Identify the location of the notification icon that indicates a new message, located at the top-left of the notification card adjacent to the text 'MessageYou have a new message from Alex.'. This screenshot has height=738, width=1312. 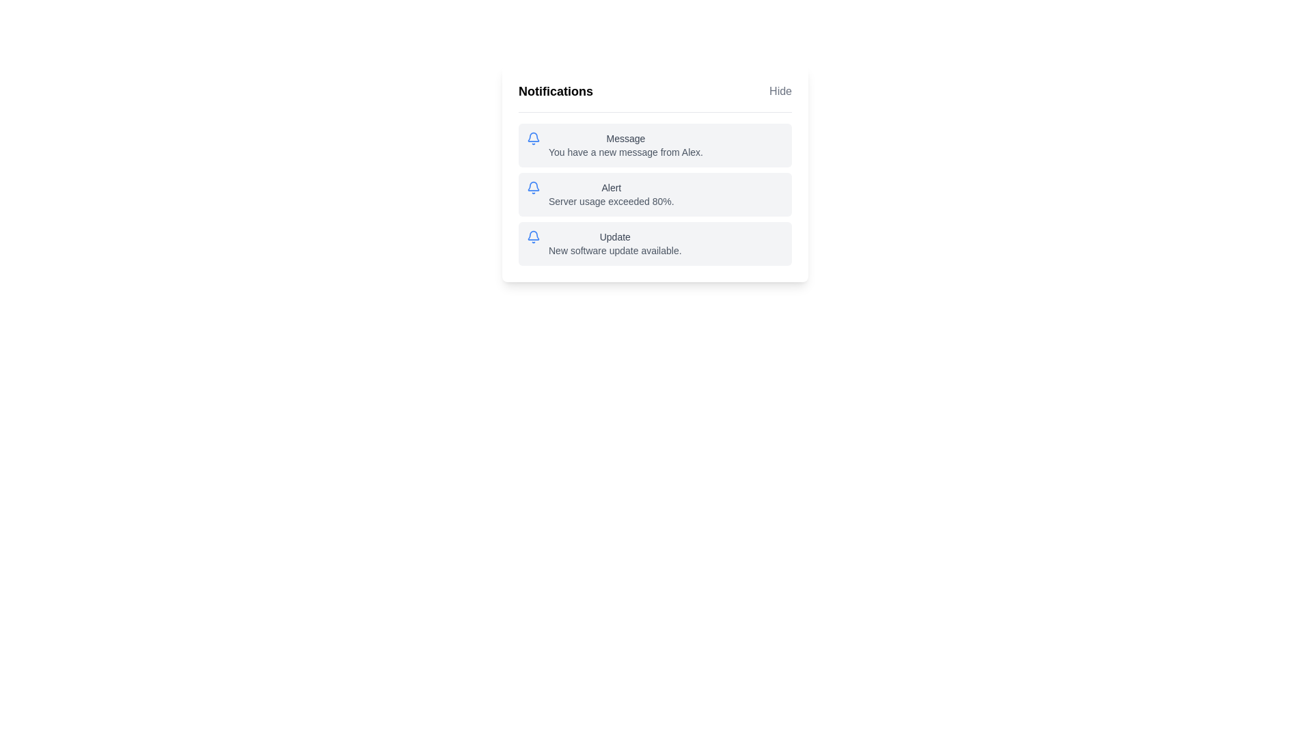
(533, 139).